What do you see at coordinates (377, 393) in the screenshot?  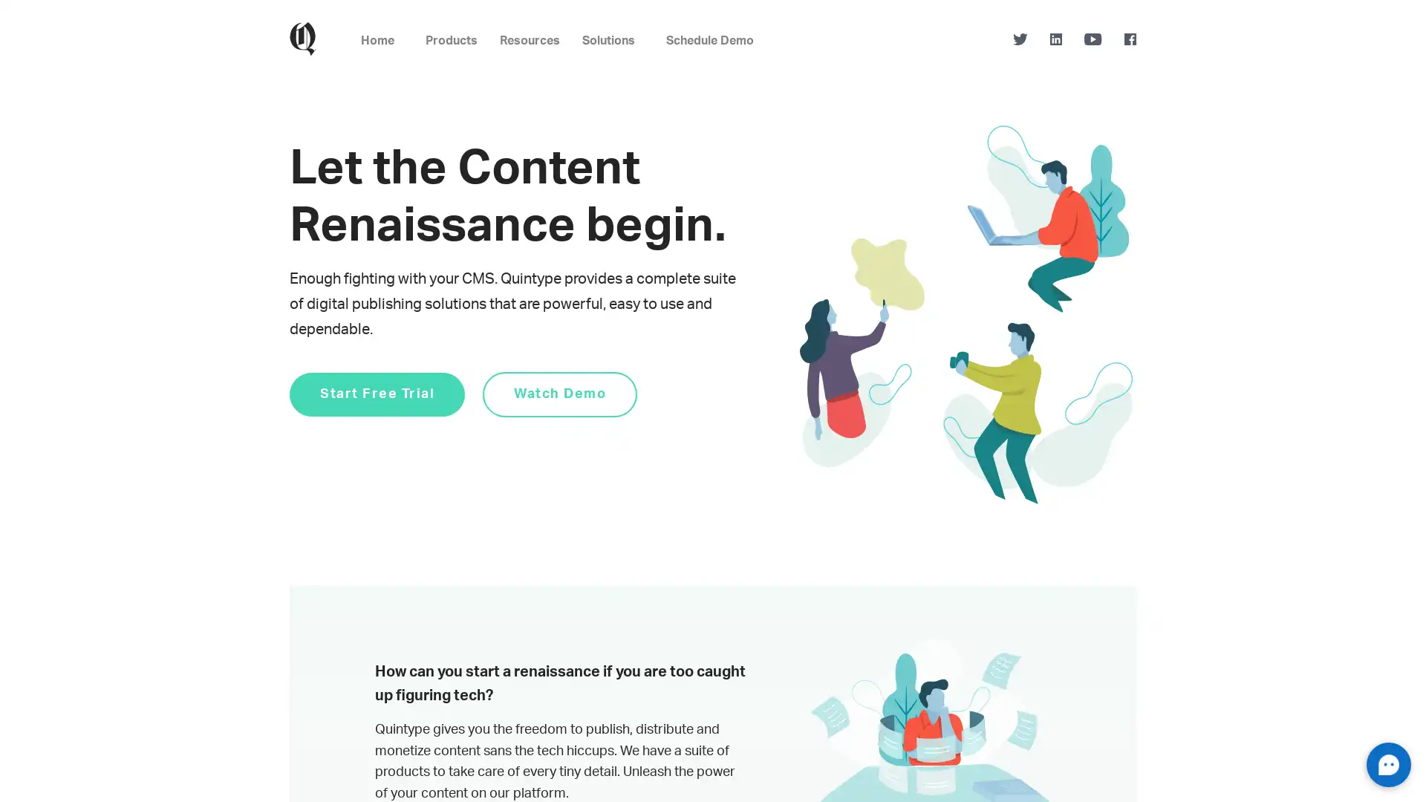 I see `Start Free Trial` at bounding box center [377, 393].